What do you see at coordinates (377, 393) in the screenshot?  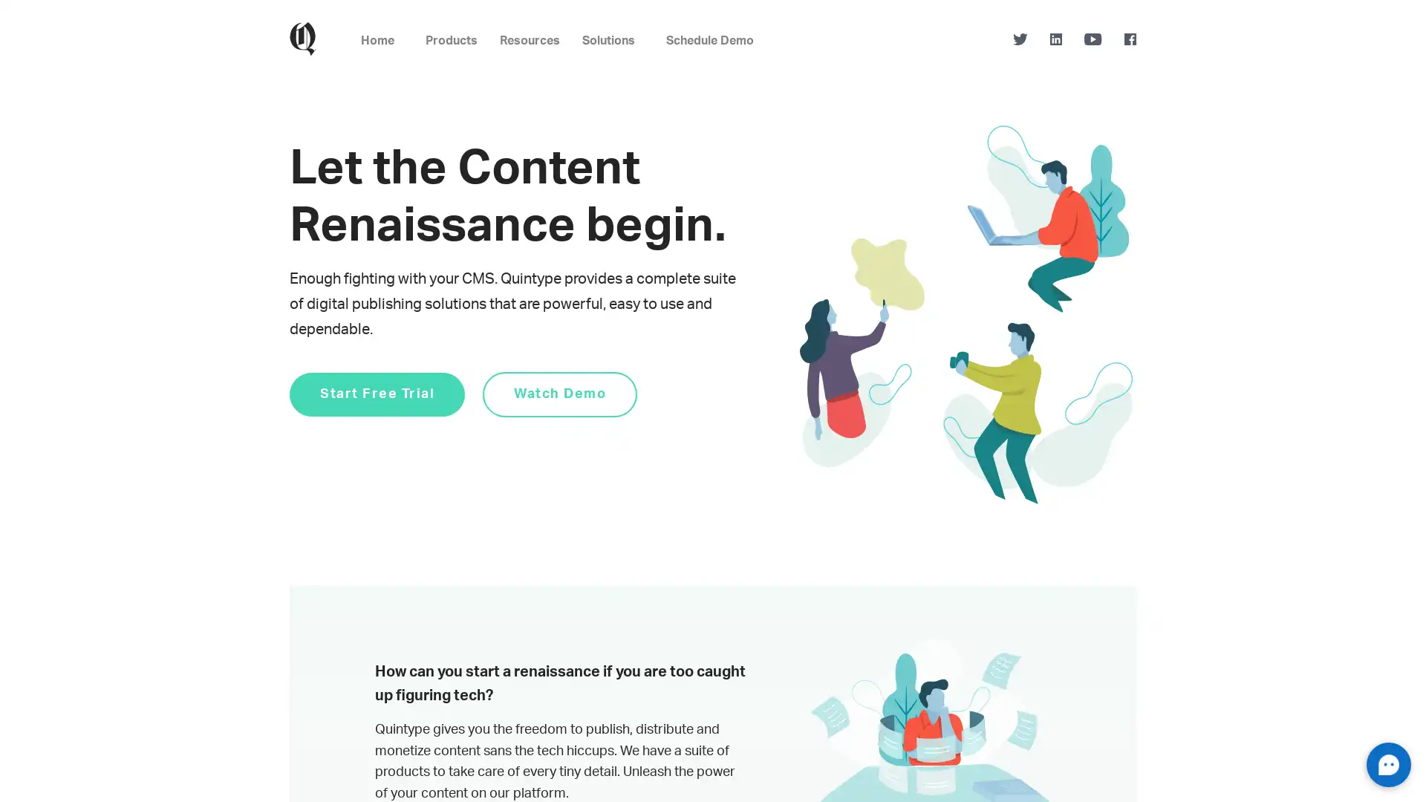 I see `Start Free Trial` at bounding box center [377, 393].